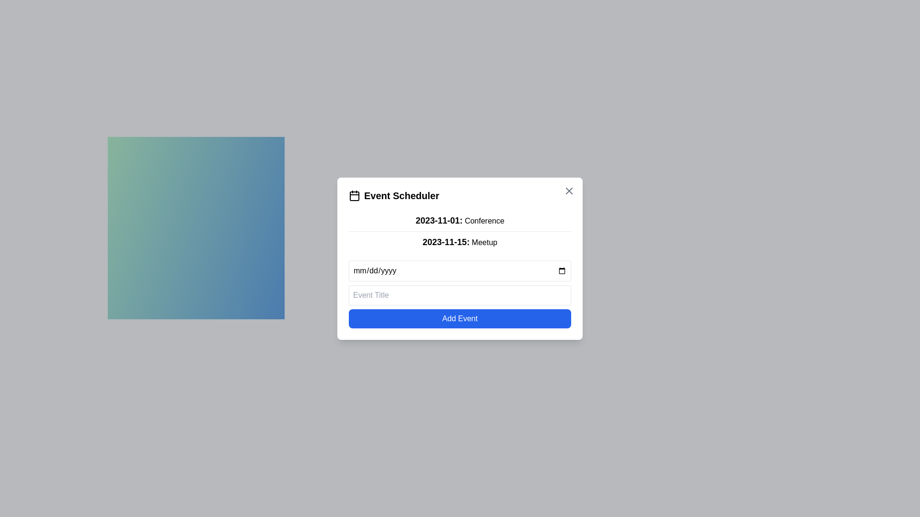  Describe the element at coordinates (460, 241) in the screenshot. I see `the static text label displaying the date and title of the event, which is the second item under the 'Event Scheduler' header` at that location.